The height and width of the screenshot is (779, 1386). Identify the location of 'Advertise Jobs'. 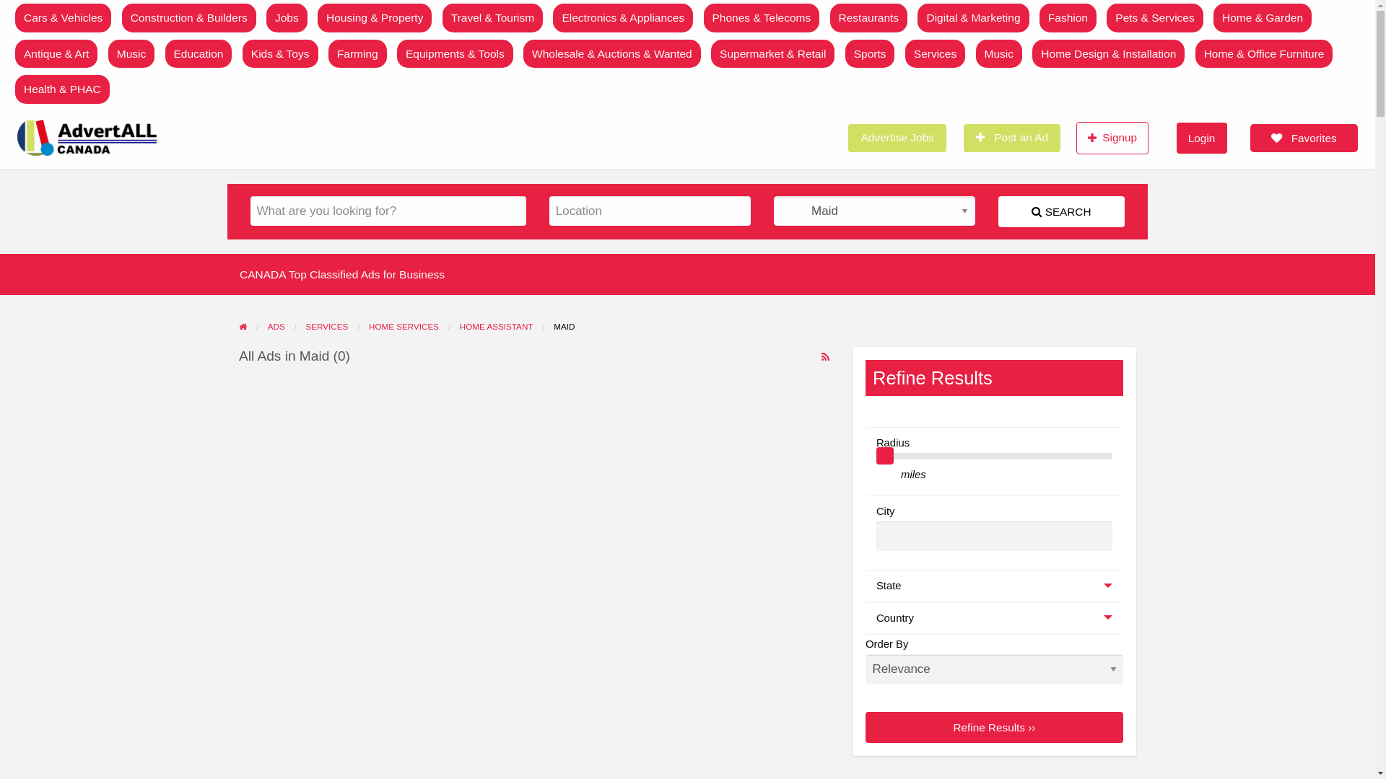
(897, 138).